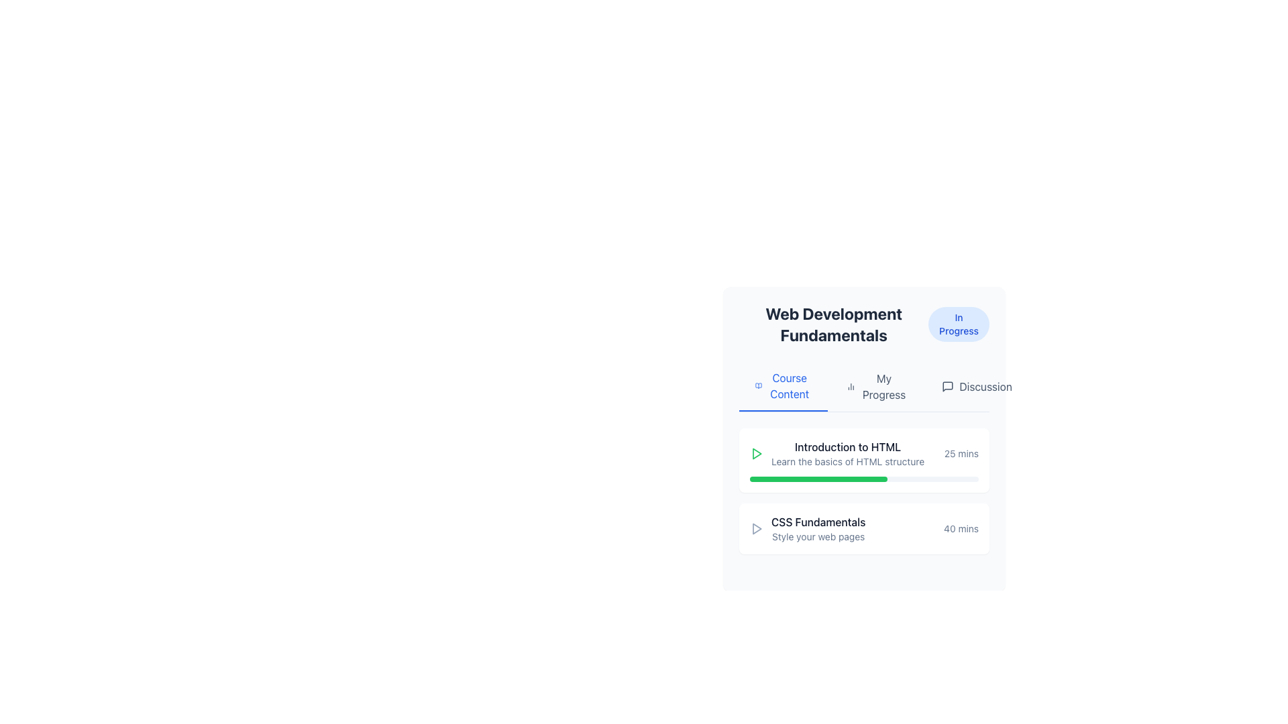 Image resolution: width=1288 pixels, height=724 pixels. I want to click on progress bar completion, so click(798, 478).